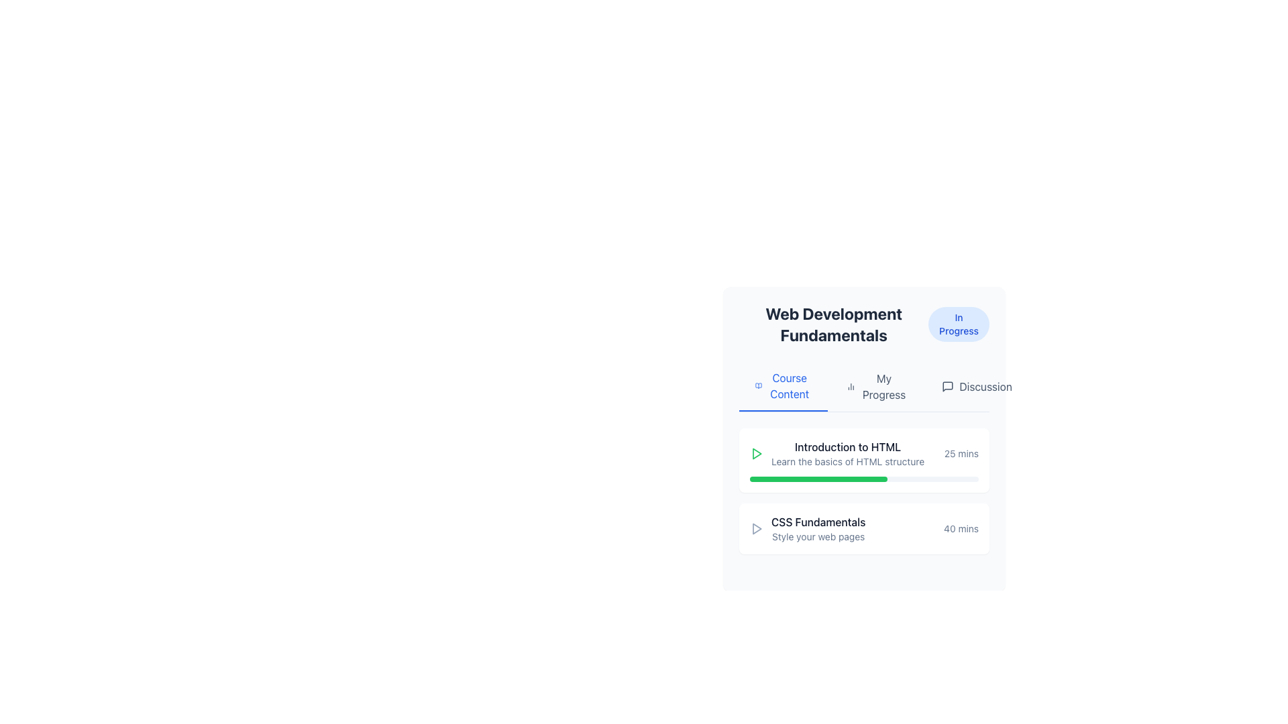 Image resolution: width=1288 pixels, height=724 pixels. I want to click on progress bar completion, so click(798, 478).